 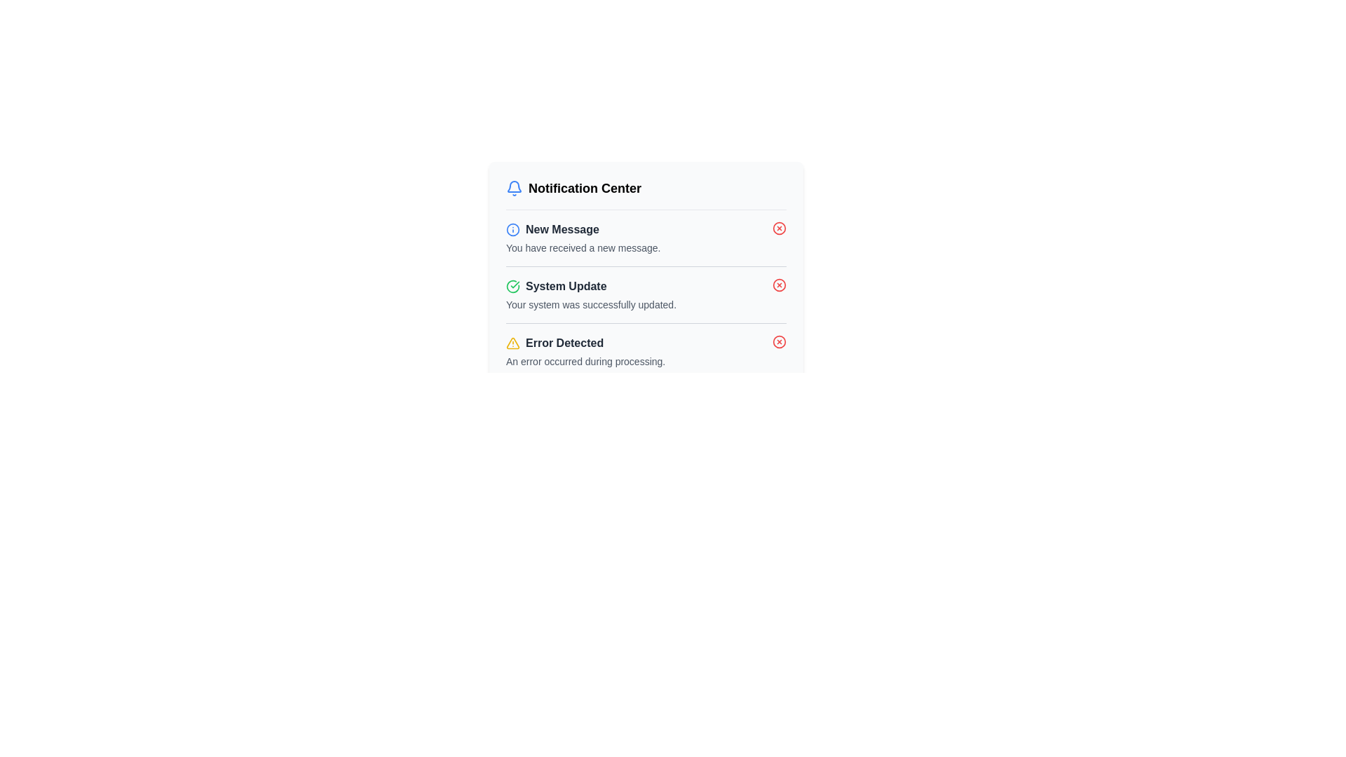 I want to click on the bell icon located at the top-left corner of the Notification Center widget, so click(x=514, y=186).